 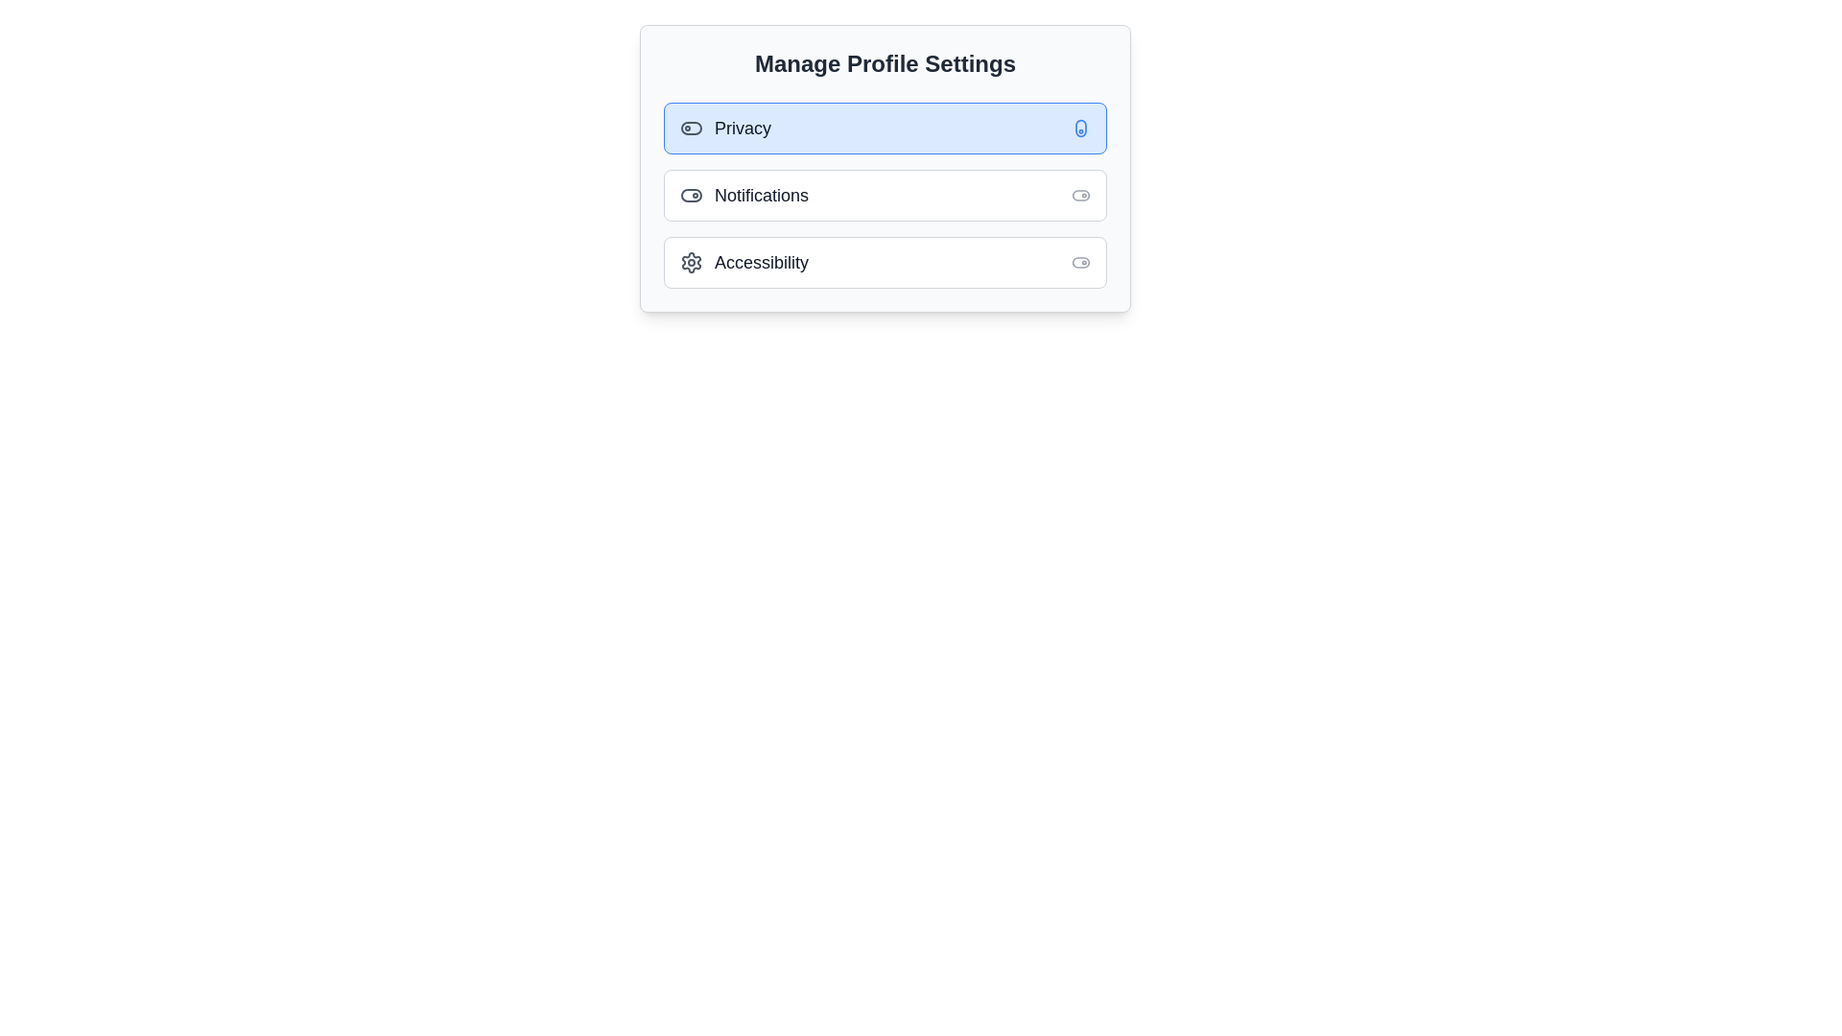 I want to click on the 'Notifications' text label, so click(x=744, y=196).